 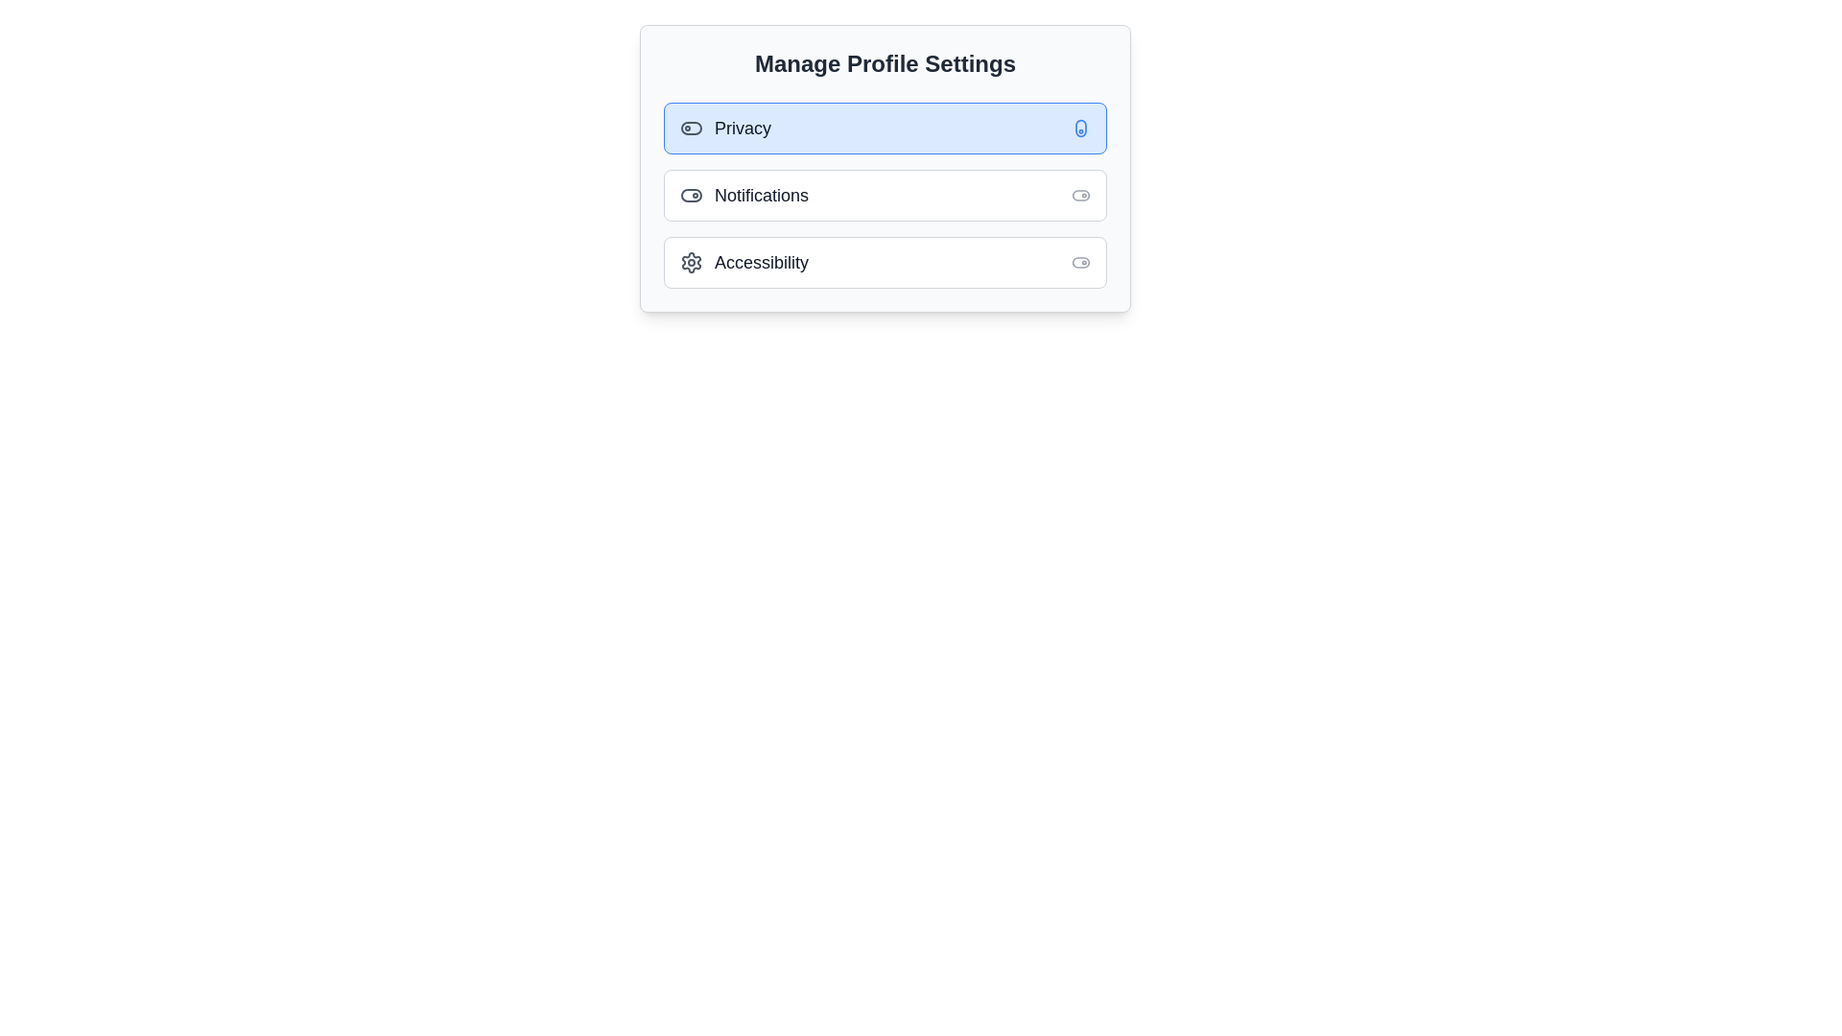 I want to click on the 'Notifications' text label, so click(x=744, y=196).